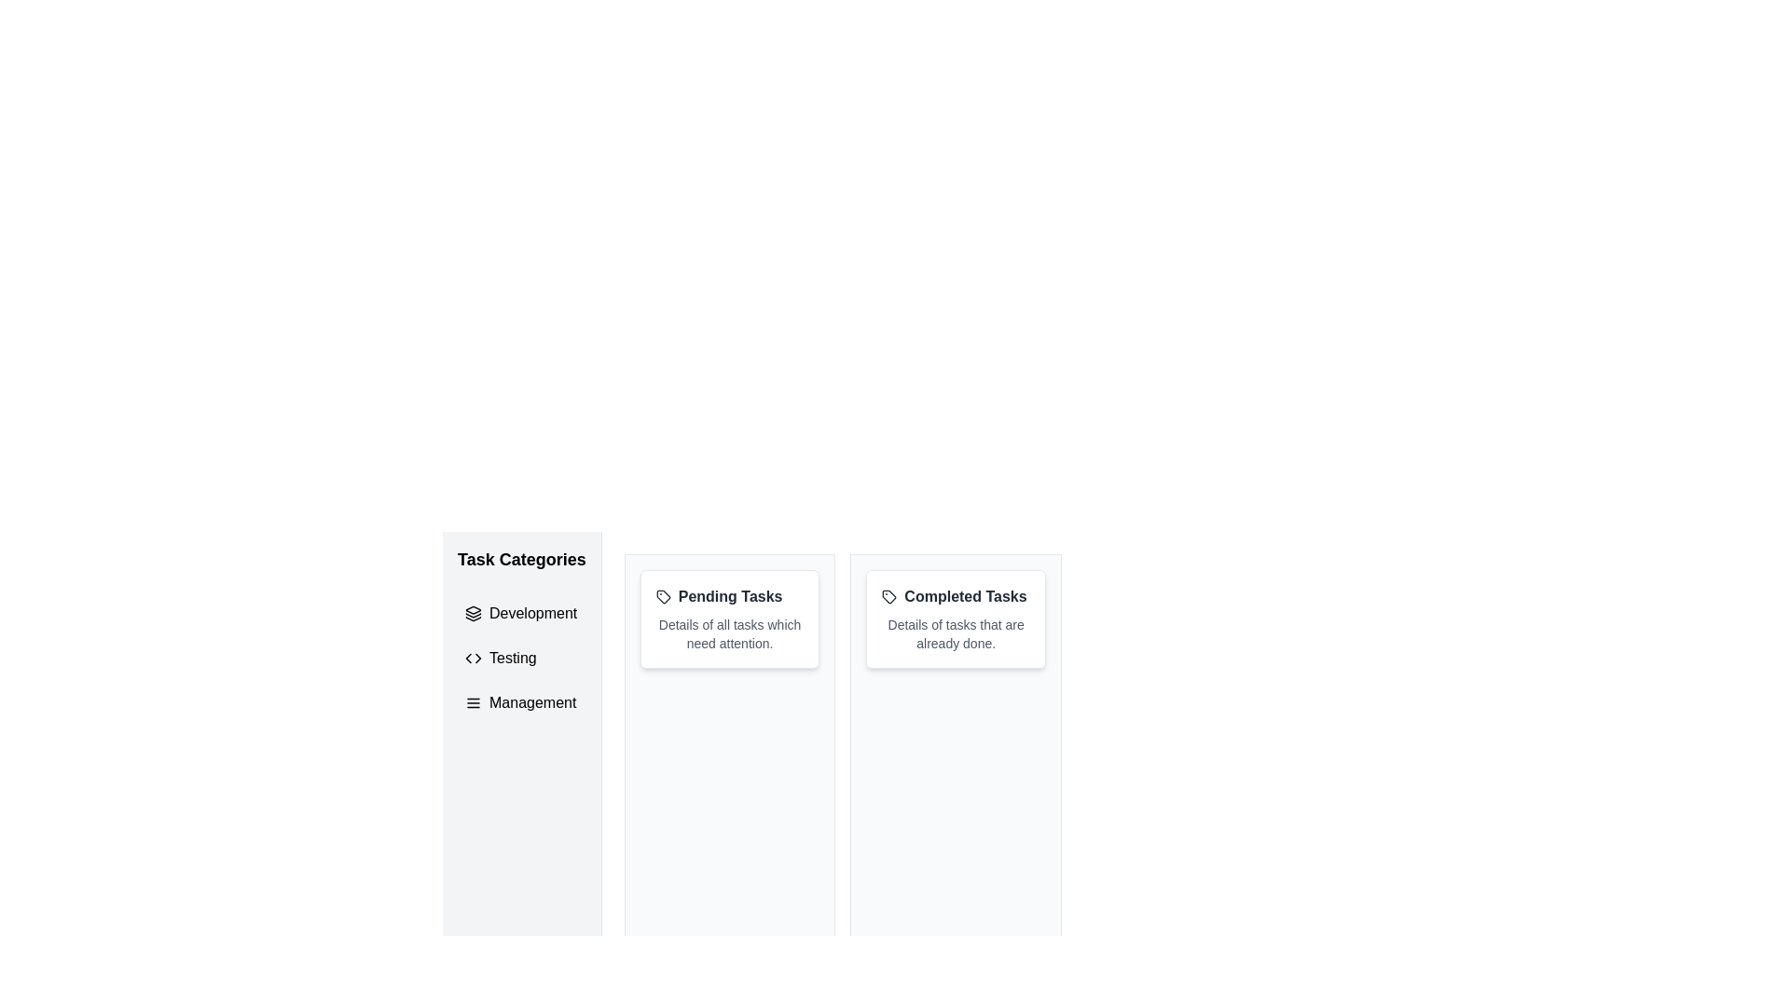  I want to click on descriptive information provided by the label within the 'Pending Tasks' card, which clarifies its contents and purpose, so click(728, 633).